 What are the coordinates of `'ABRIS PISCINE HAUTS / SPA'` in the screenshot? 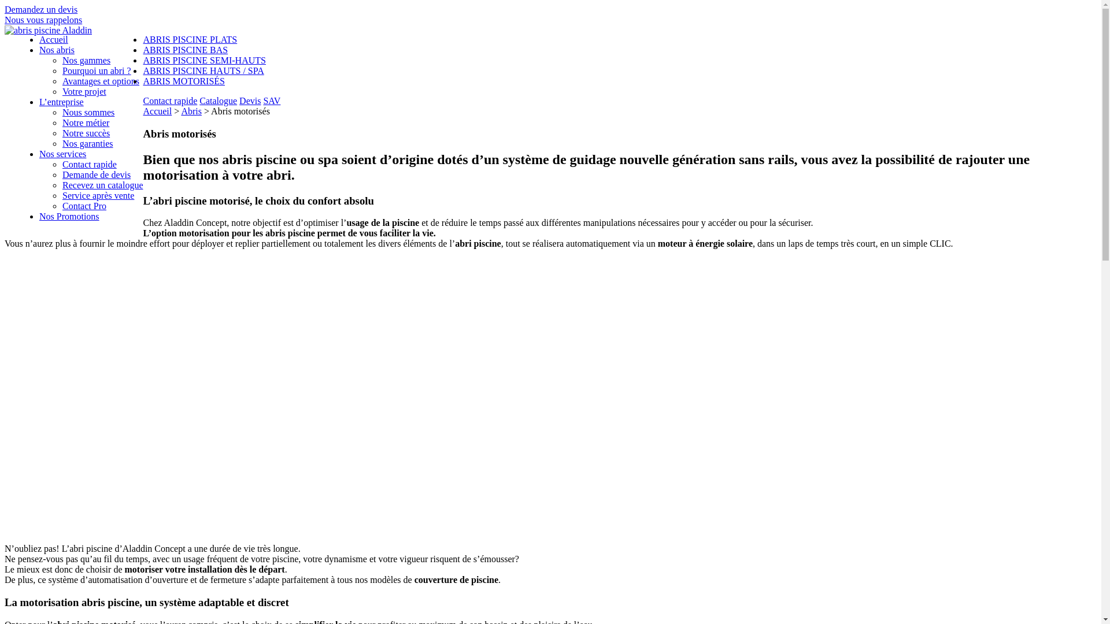 It's located at (203, 70).